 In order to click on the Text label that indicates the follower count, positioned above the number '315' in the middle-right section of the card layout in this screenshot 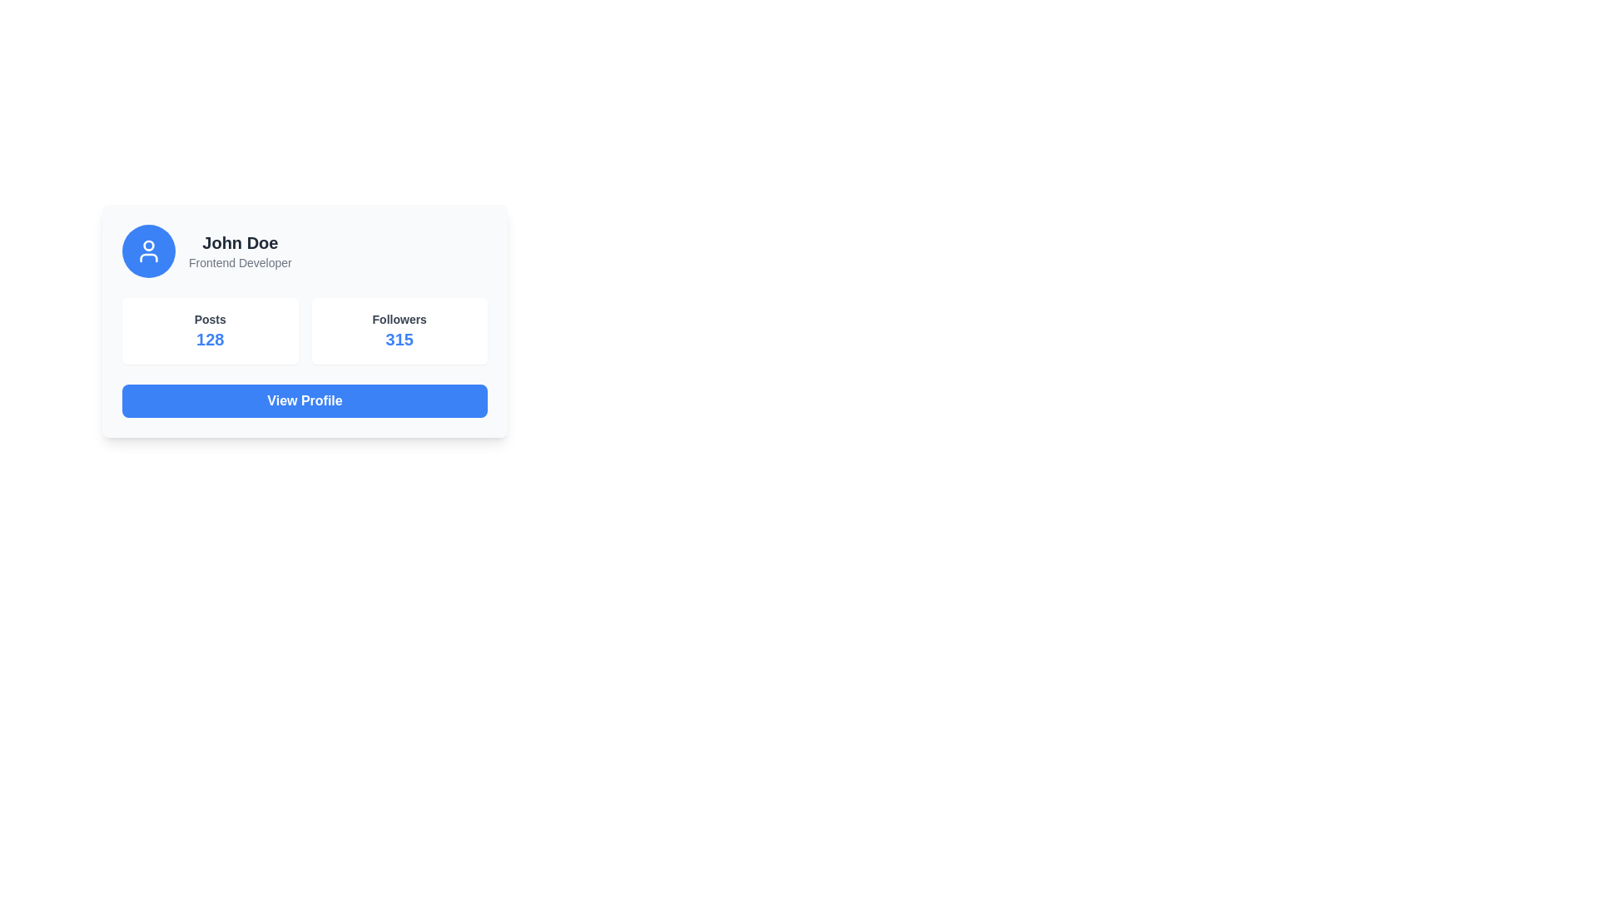, I will do `click(399, 320)`.